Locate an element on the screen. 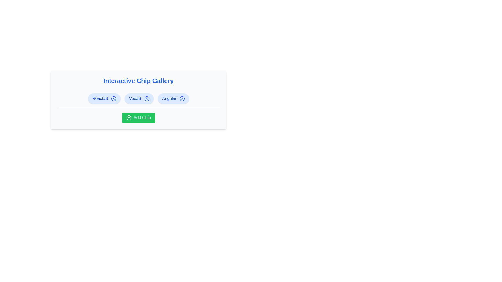 The width and height of the screenshot is (502, 282). the 'X' icon of the chip labeled VueJS to remove it is located at coordinates (146, 99).